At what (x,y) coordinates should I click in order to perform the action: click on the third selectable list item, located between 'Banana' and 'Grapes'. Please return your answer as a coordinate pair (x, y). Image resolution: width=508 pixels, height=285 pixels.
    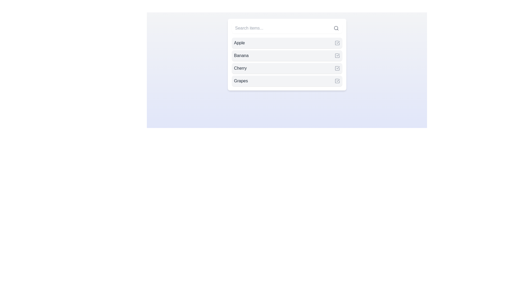
    Looking at the image, I should click on (287, 68).